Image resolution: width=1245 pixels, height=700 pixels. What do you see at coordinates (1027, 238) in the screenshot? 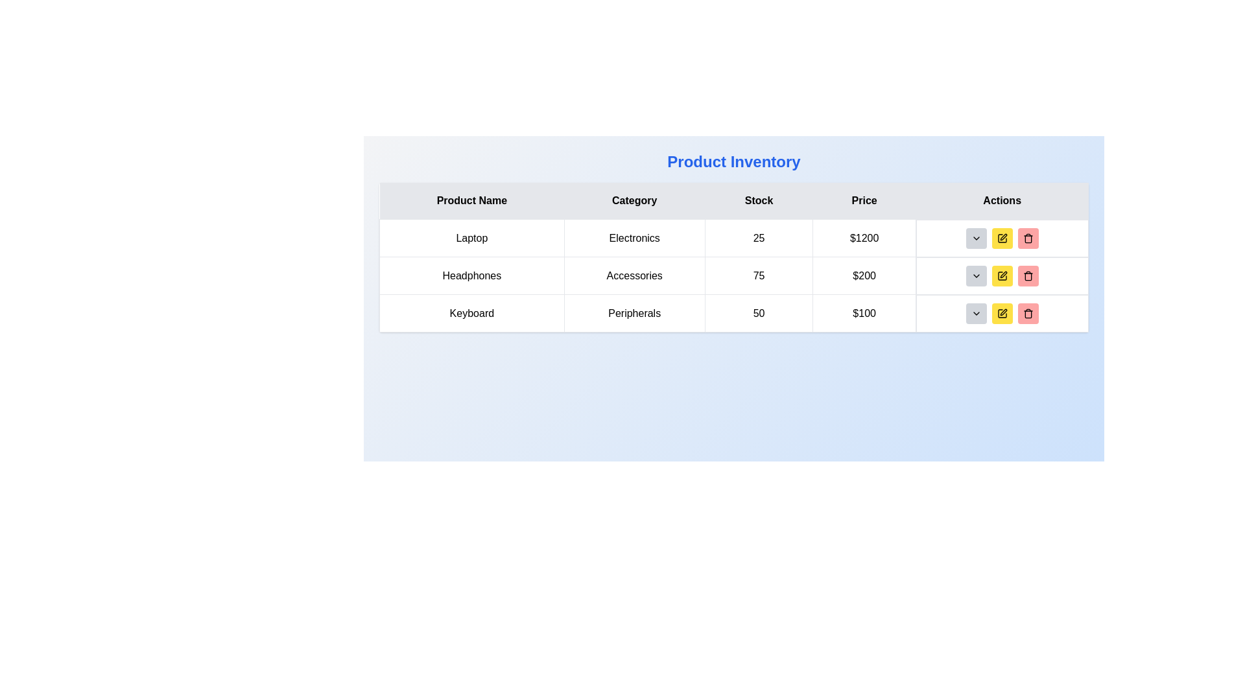
I see `the red button with a trash can icon located in the last column of the first row under the 'Actions' heading` at bounding box center [1027, 238].